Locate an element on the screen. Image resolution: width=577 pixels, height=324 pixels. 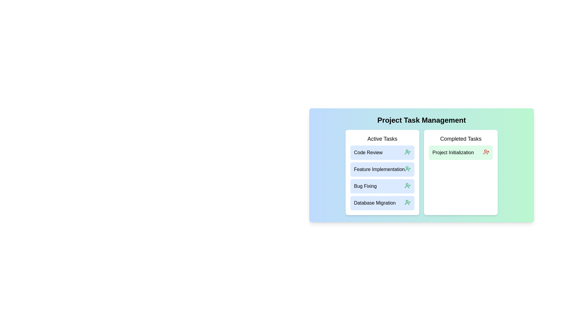
the 'UserCheck' icon next to the task 'Bug Fixing' in the Active Tasks list is located at coordinates (408, 185).